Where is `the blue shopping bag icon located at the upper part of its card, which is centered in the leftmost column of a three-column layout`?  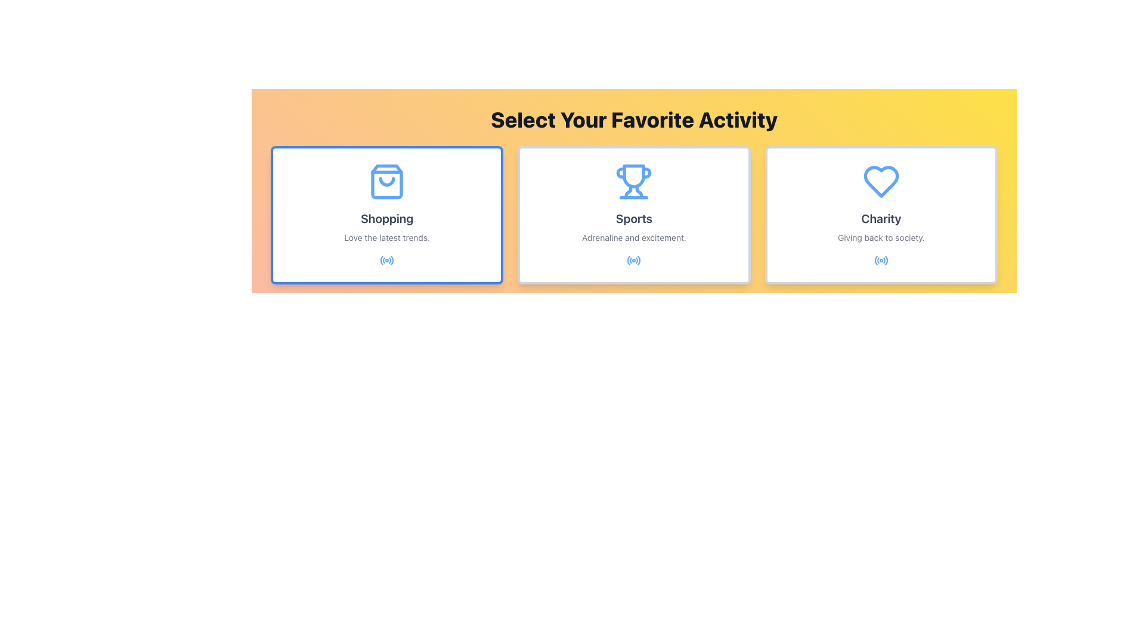 the blue shopping bag icon located at the upper part of its card, which is centered in the leftmost column of a three-column layout is located at coordinates (387, 181).